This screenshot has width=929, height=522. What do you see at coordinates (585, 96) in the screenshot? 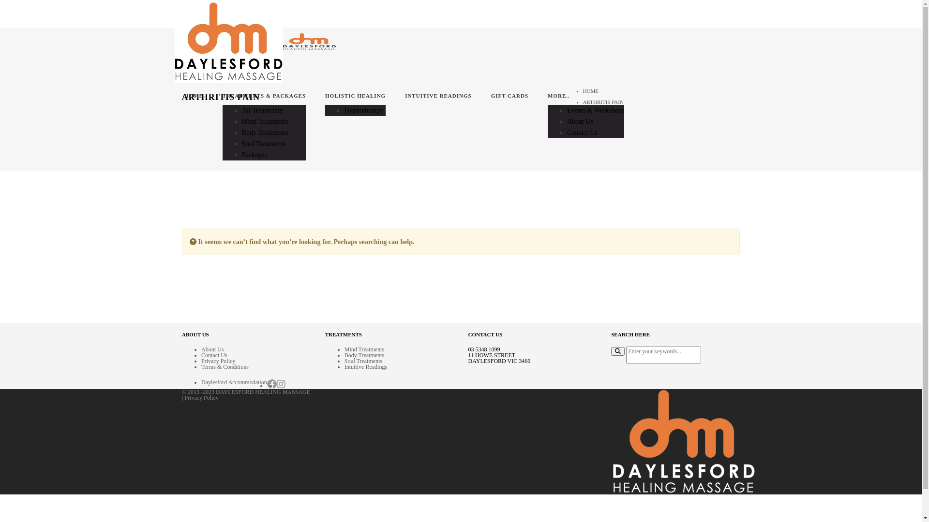
I see `'MORE..'` at bounding box center [585, 96].